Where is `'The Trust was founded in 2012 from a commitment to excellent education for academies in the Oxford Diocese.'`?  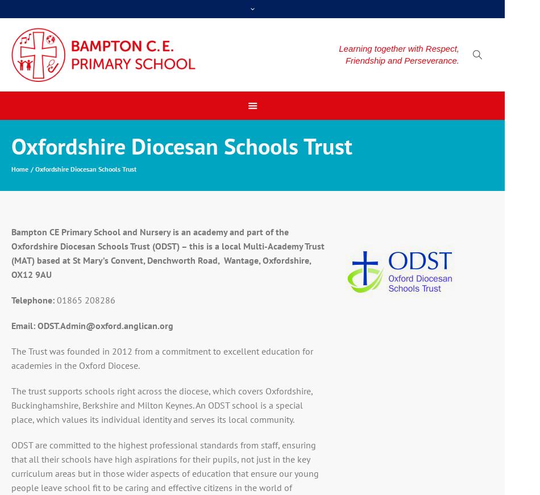 'The Trust was founded in 2012 from a commitment to excellent education for academies in the Oxford Diocese.' is located at coordinates (161, 357).